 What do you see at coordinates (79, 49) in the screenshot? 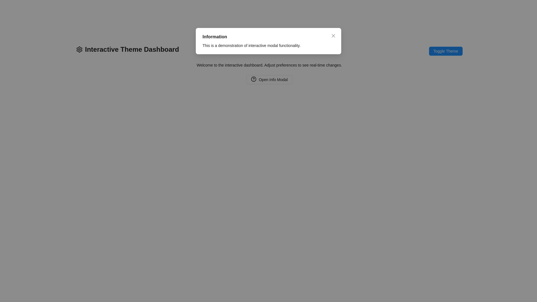
I see `the settings icon, which is a gear-shaped vector graphic located on the left portion of the interface, slightly above the midline, represented as part of the SVG component` at bounding box center [79, 49].